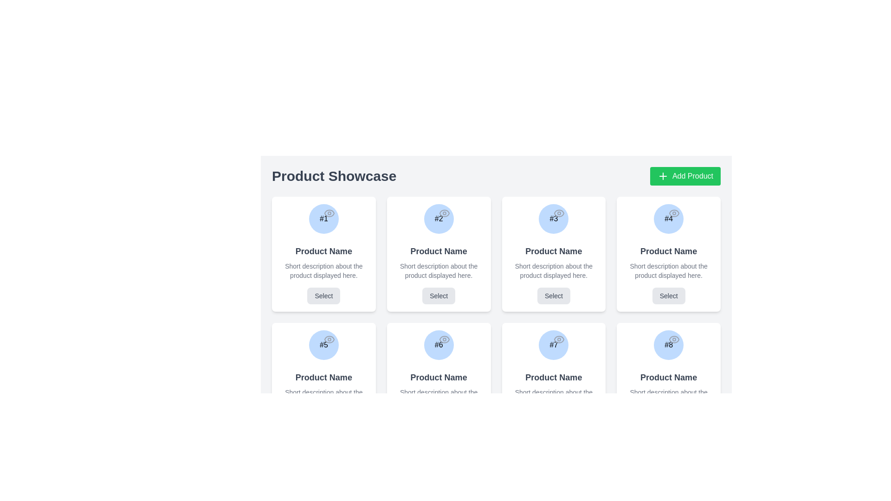 The width and height of the screenshot is (891, 501). I want to click on the text label displaying 'Short description about the product displayed here.' located in the third product card of the first row, positioned between the 'Product Name' and 'Select' button, so click(554, 270).